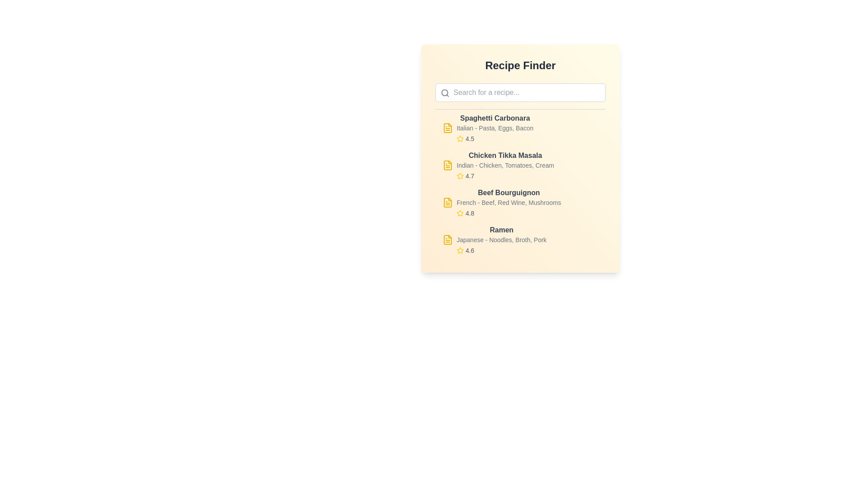 The height and width of the screenshot is (479, 853). What do you see at coordinates (502, 239) in the screenshot?
I see `to select the fourth list item in the Recipe Finder interface, which is the 'Ramen' recipe, located under the heading 'Recipe Finder'` at bounding box center [502, 239].